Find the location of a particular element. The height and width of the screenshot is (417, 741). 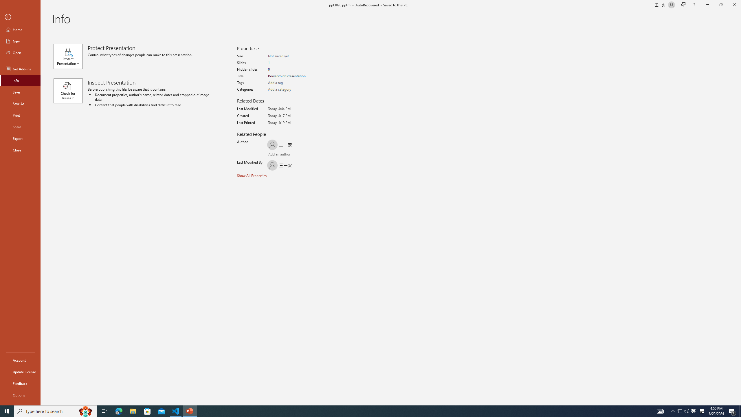

'Slides' is located at coordinates (290, 63).